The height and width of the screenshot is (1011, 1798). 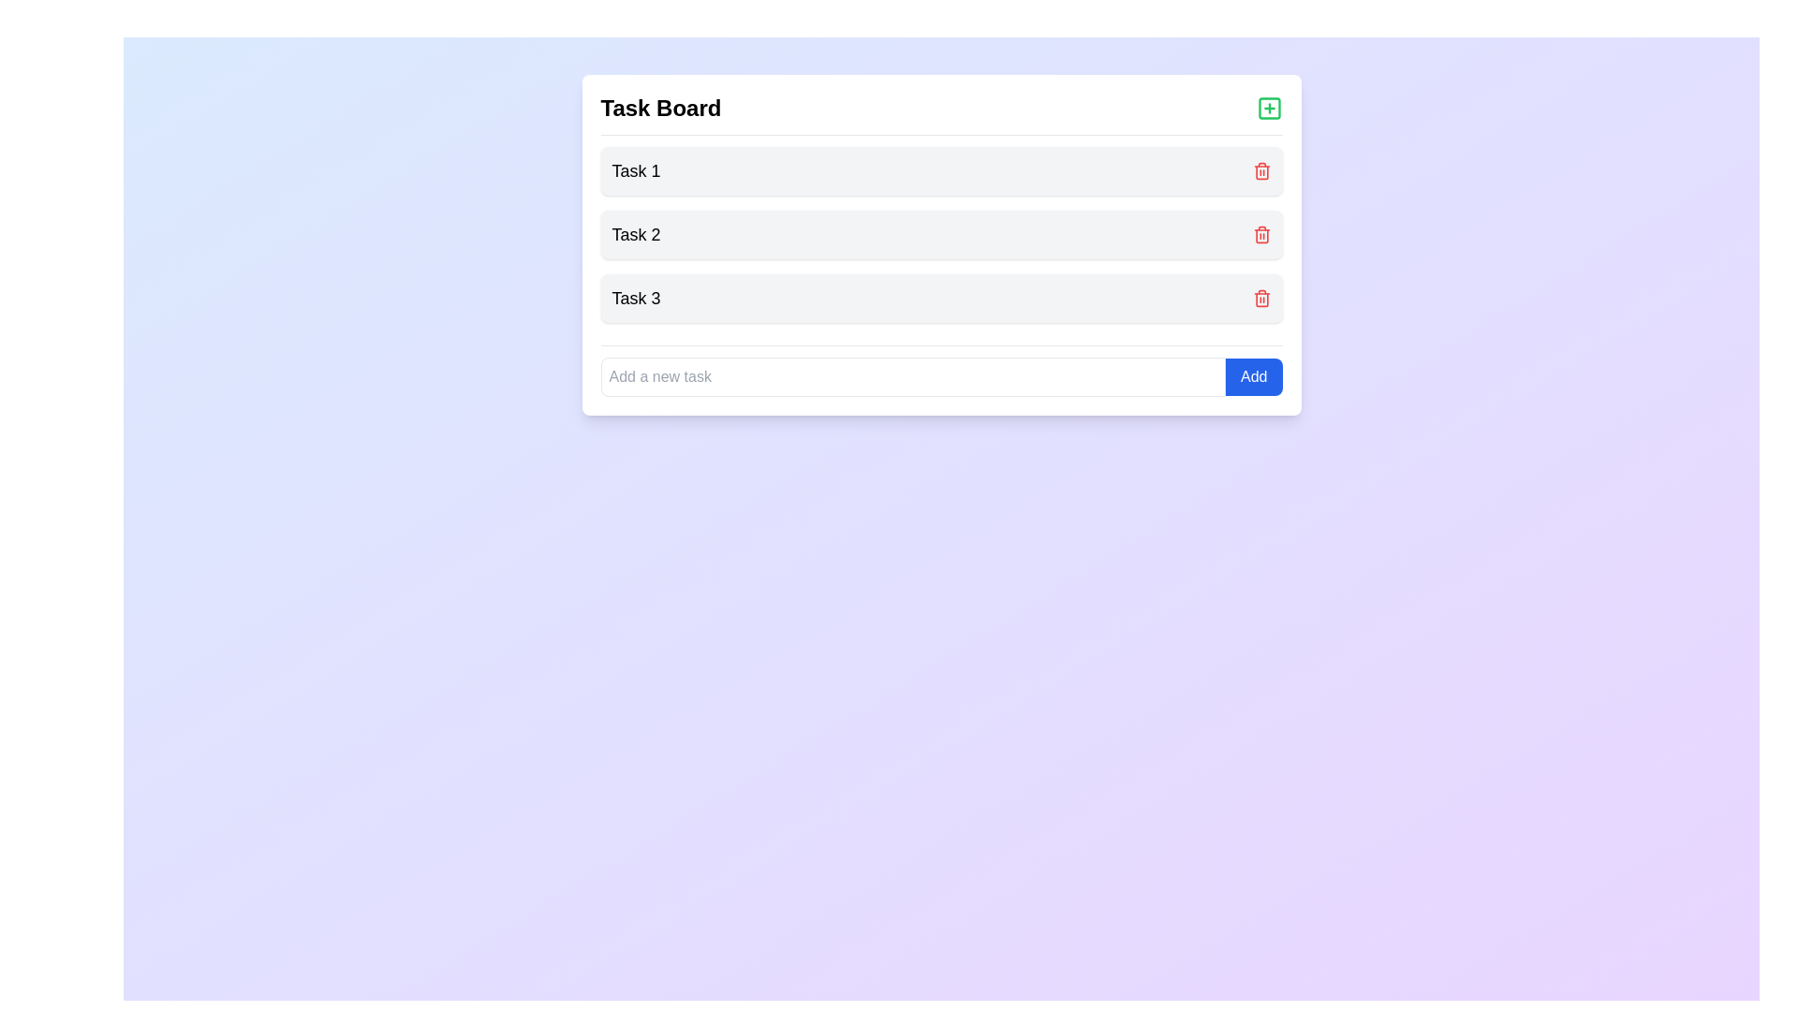 I want to click on the delete button (trash bin icon) for 'Task 2', so click(x=1261, y=235).